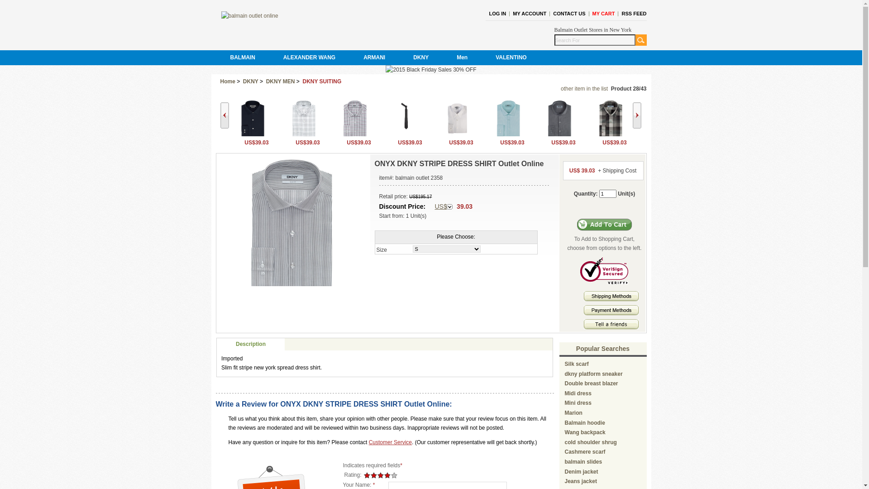  What do you see at coordinates (227, 81) in the screenshot?
I see `'Home'` at bounding box center [227, 81].